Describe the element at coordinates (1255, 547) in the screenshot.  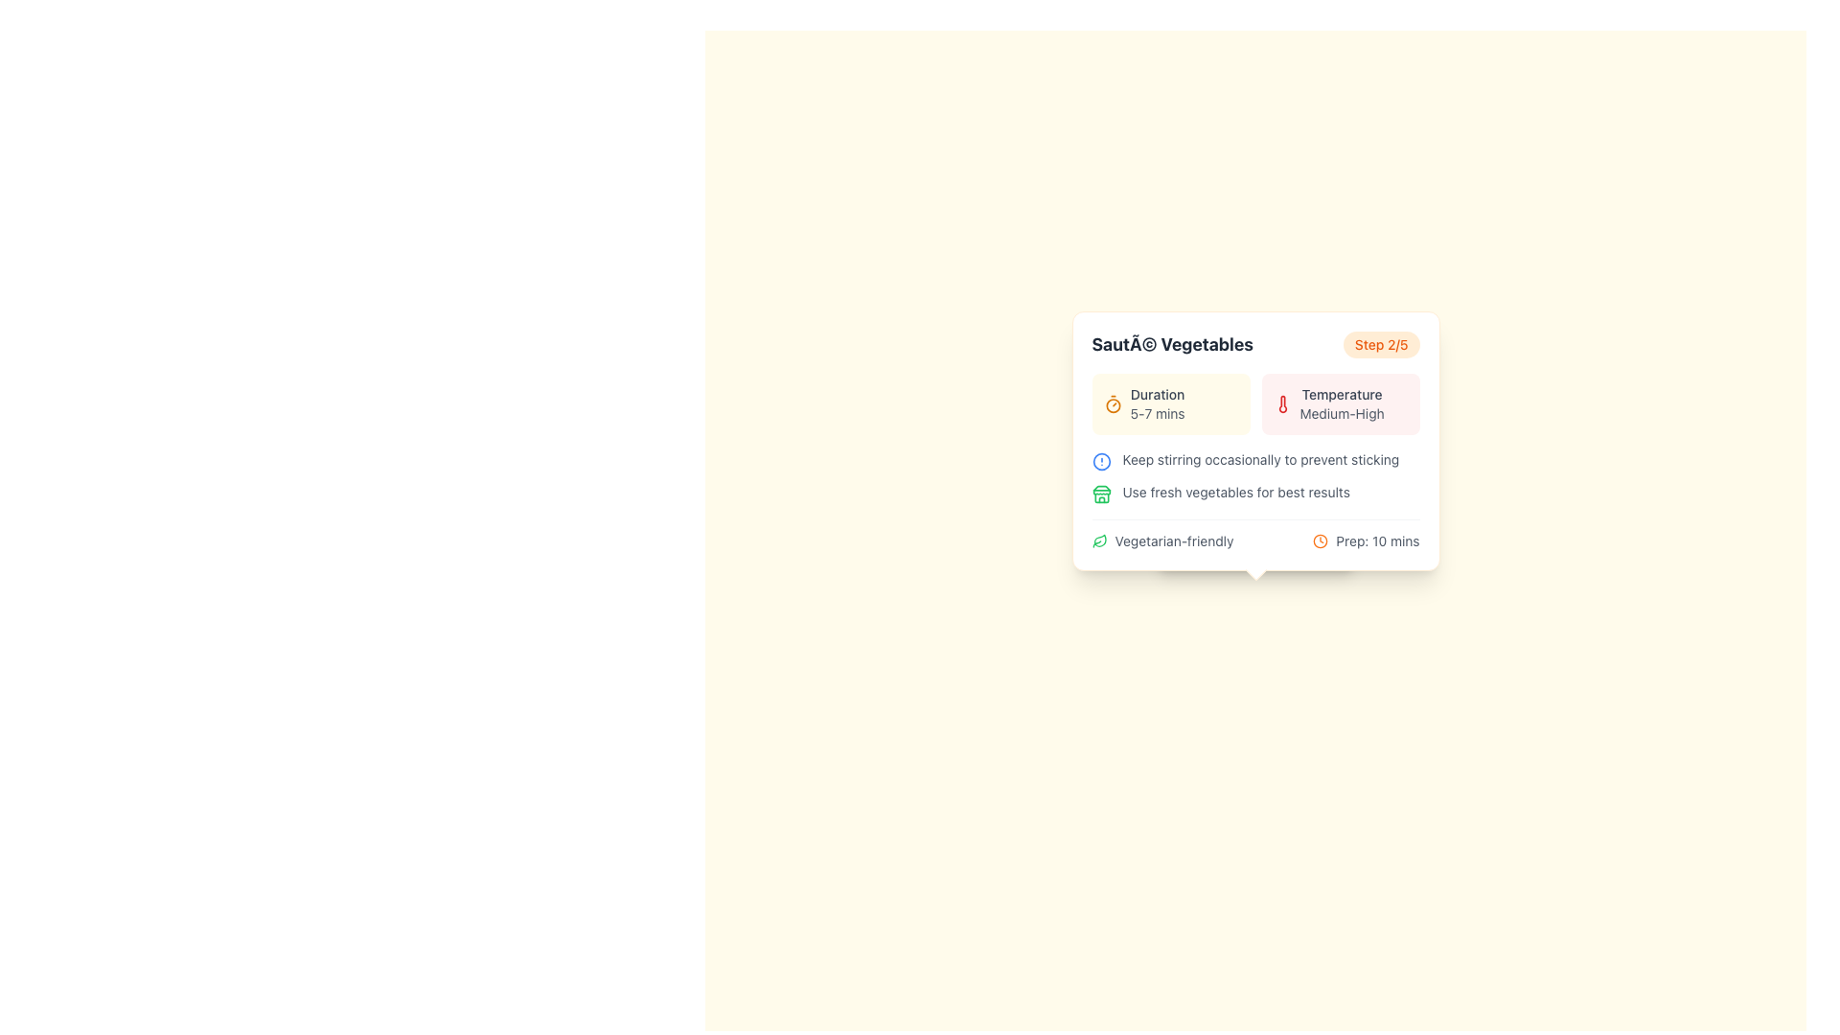
I see `the decorative dot located centrally between the labels 'Vegetarian-friendly' and 'Prep: 10 mins' within the card-like structure` at that location.